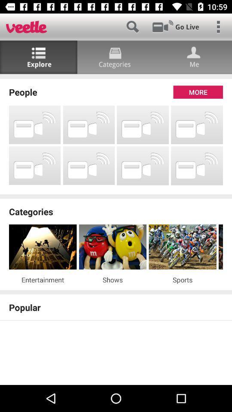 Image resolution: width=232 pixels, height=412 pixels. What do you see at coordinates (116, 307) in the screenshot?
I see `the popular icon` at bounding box center [116, 307].